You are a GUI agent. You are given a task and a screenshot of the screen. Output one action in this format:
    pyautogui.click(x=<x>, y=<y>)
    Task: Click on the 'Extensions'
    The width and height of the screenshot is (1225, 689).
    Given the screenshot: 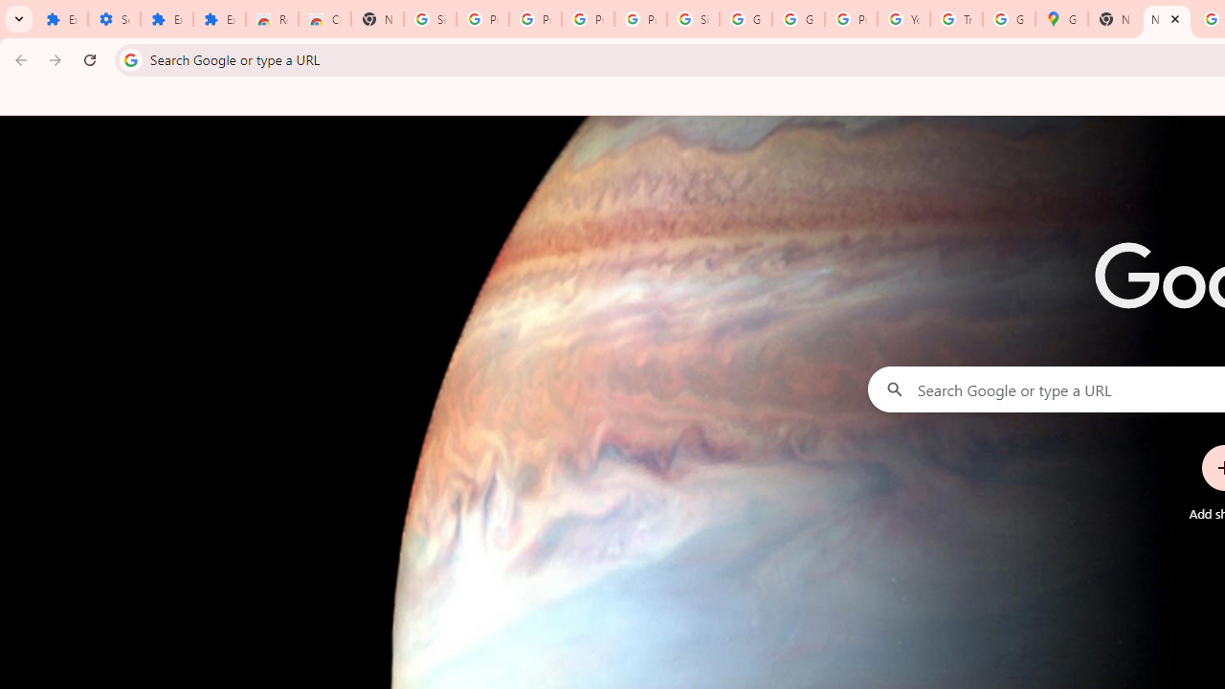 What is the action you would take?
    pyautogui.click(x=219, y=19)
    